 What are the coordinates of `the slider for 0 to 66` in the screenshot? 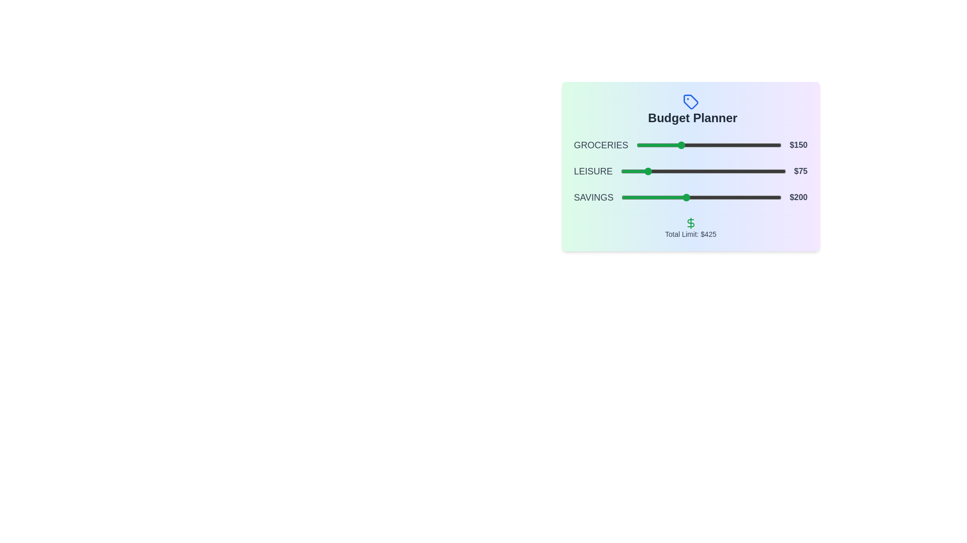 It's located at (655, 145).